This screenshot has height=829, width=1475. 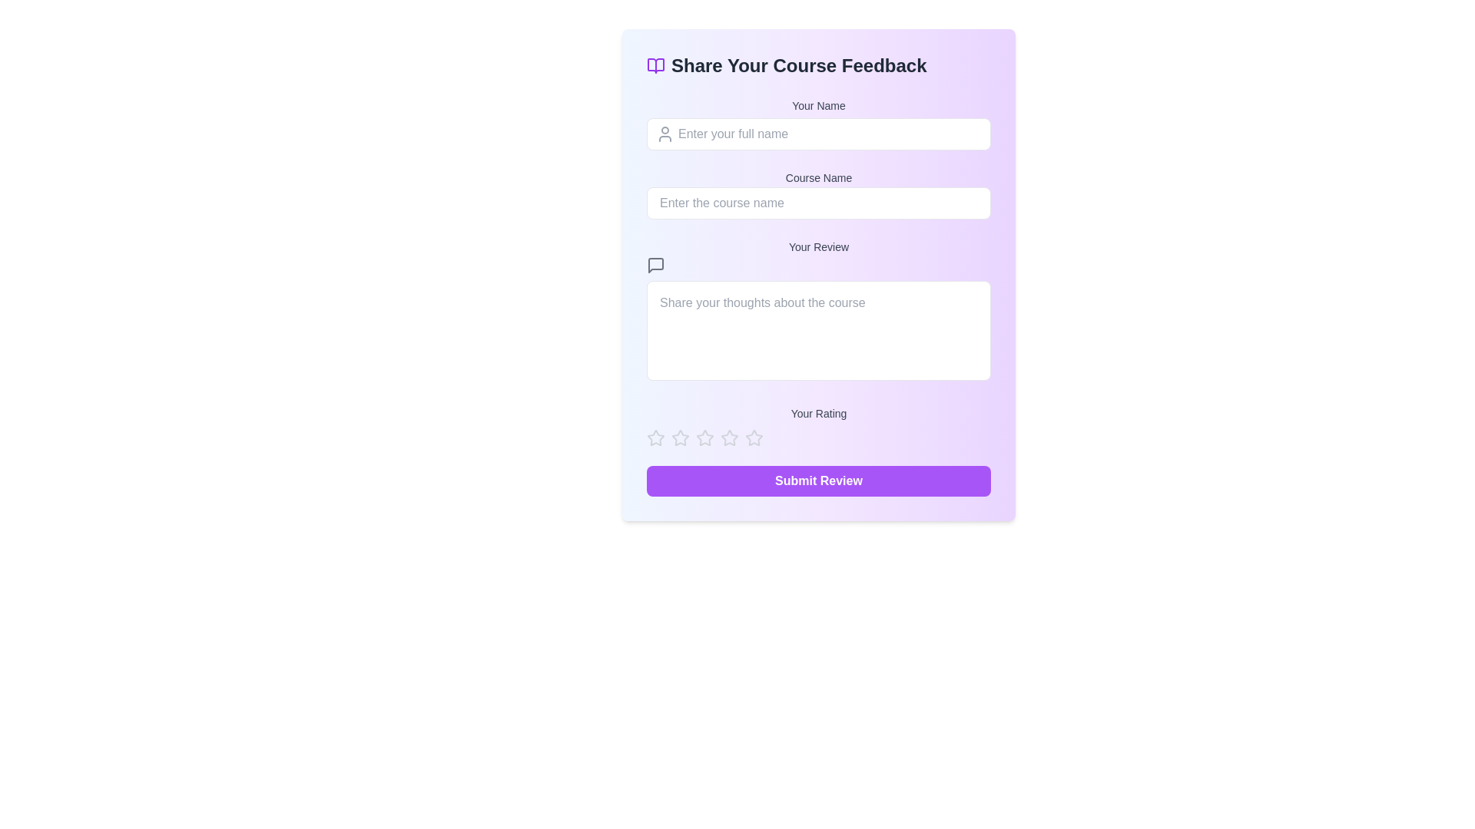 What do you see at coordinates (656, 265) in the screenshot?
I see `the speech bubble icon used for comments or messages, positioned slightly above the 'Your Review' text field` at bounding box center [656, 265].